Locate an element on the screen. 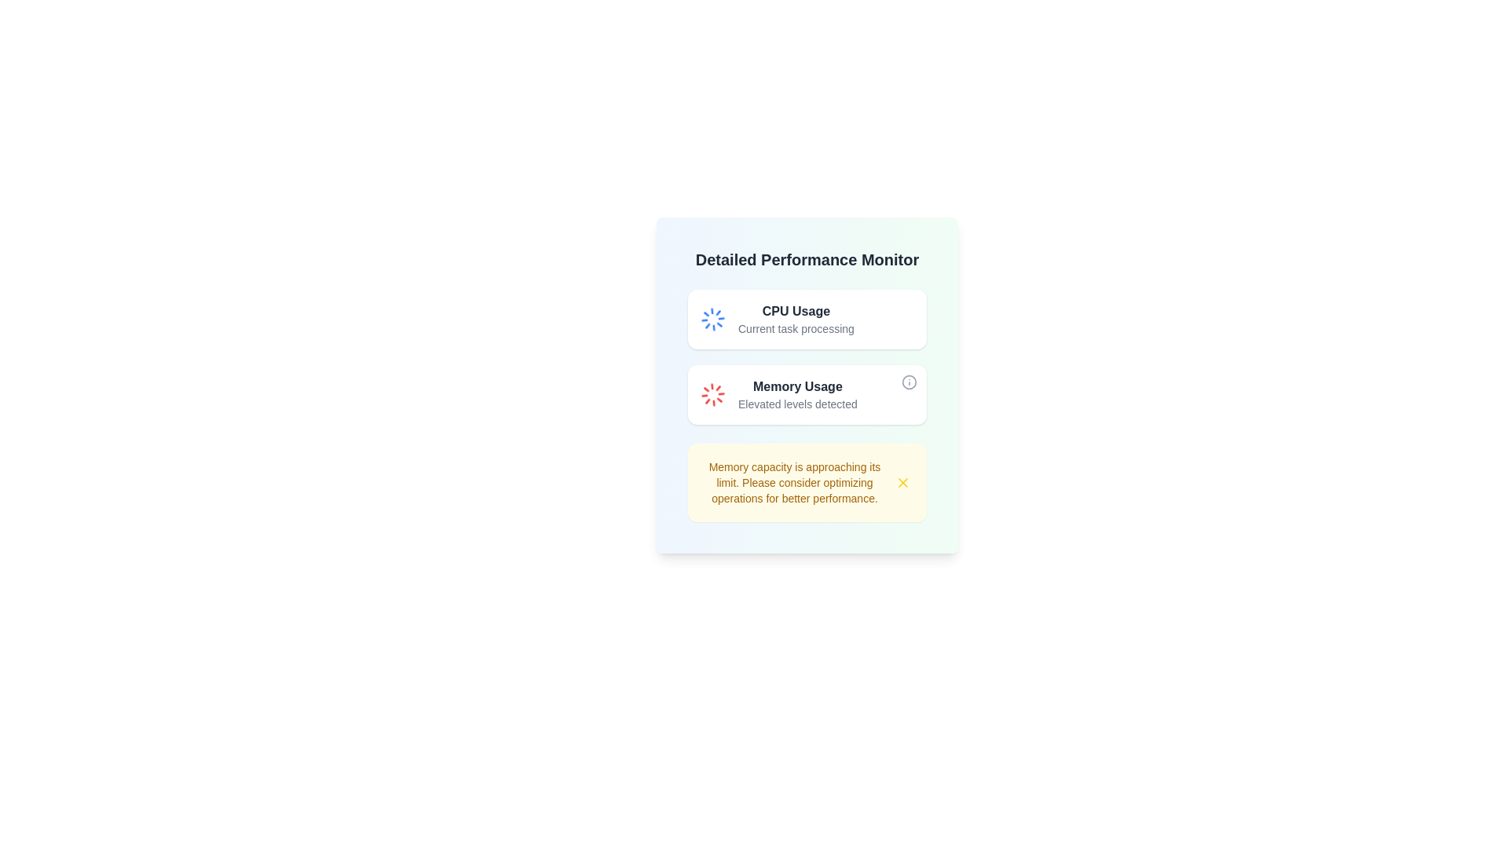 Image resolution: width=1508 pixels, height=848 pixels. the text label reading 'Current task processing.' which is styled in a small gray font and is located directly beneath the 'CPU Usage' title is located at coordinates (796, 328).